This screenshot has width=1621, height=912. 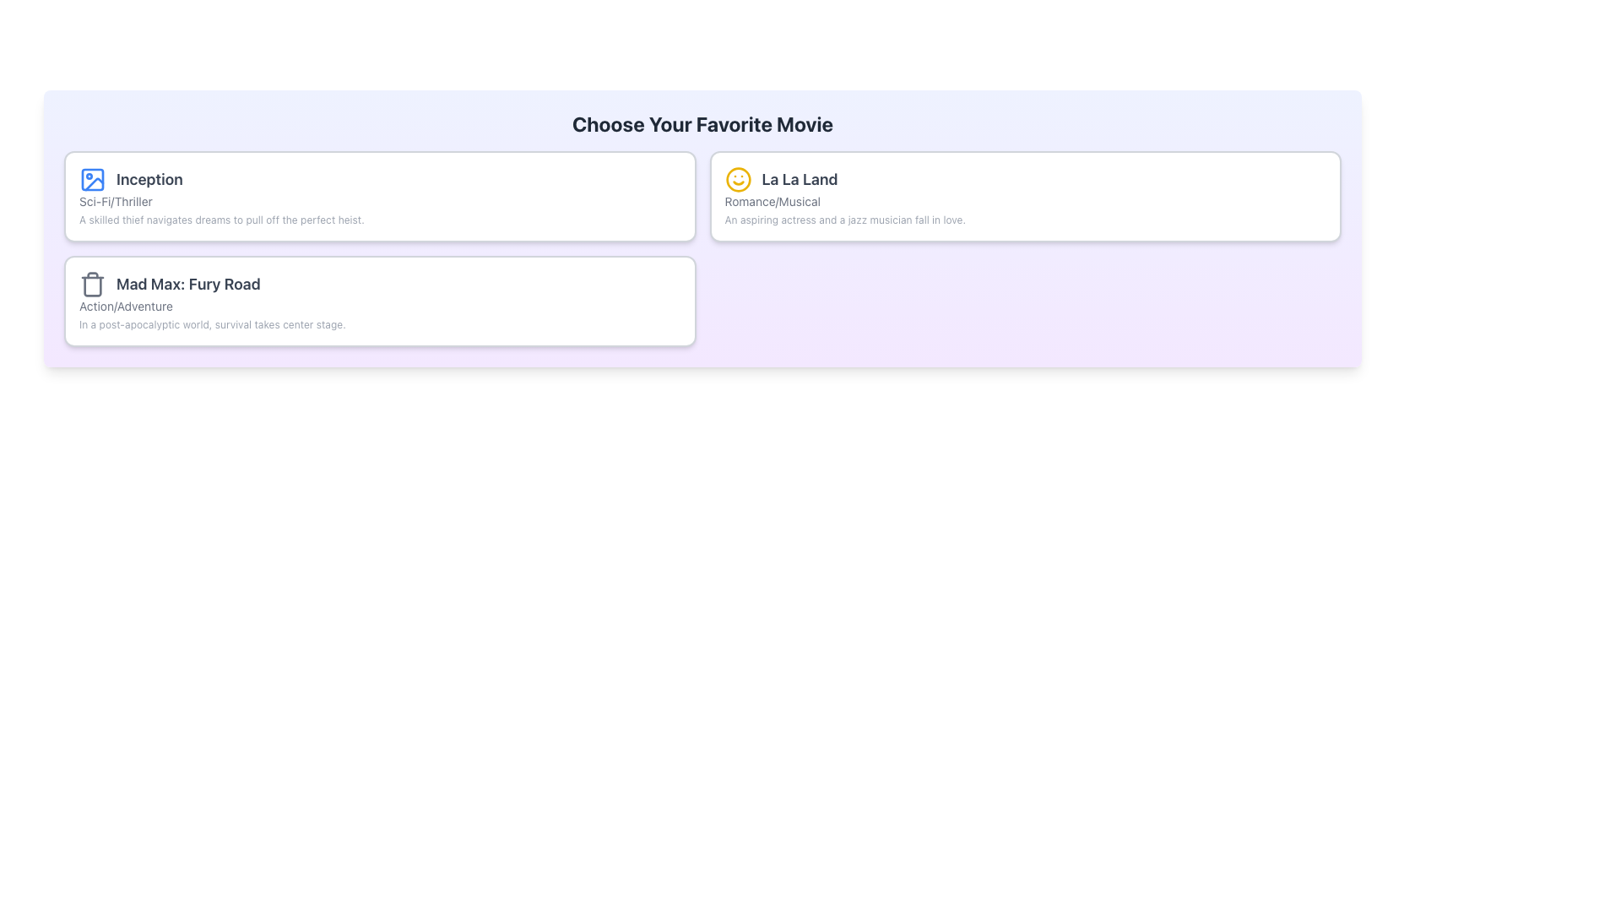 What do you see at coordinates (738, 179) in the screenshot?
I see `the smiley face icon representing the movie 'La La Land', which is positioned to the left of the text within the movie block` at bounding box center [738, 179].